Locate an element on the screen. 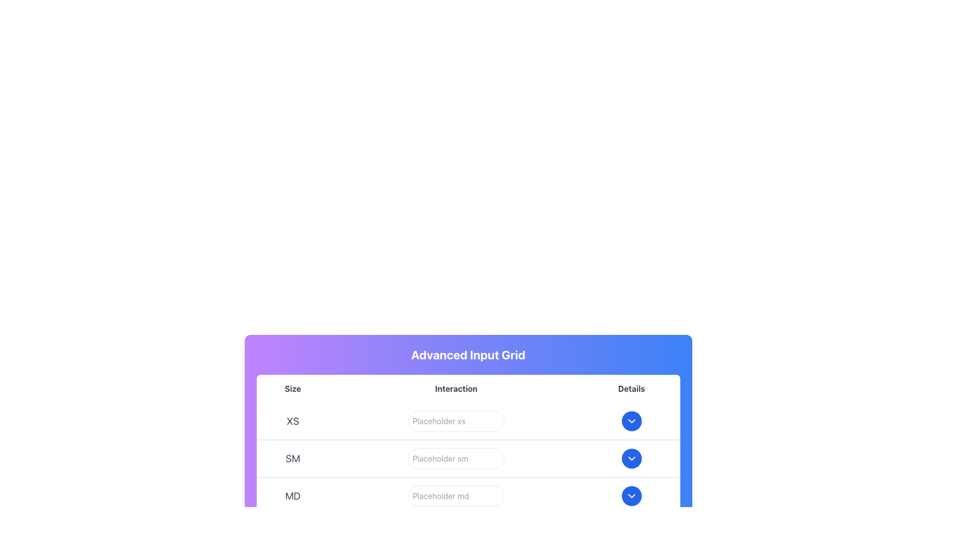  the chevron-down icon in the Details column of the second row is located at coordinates (631, 458).